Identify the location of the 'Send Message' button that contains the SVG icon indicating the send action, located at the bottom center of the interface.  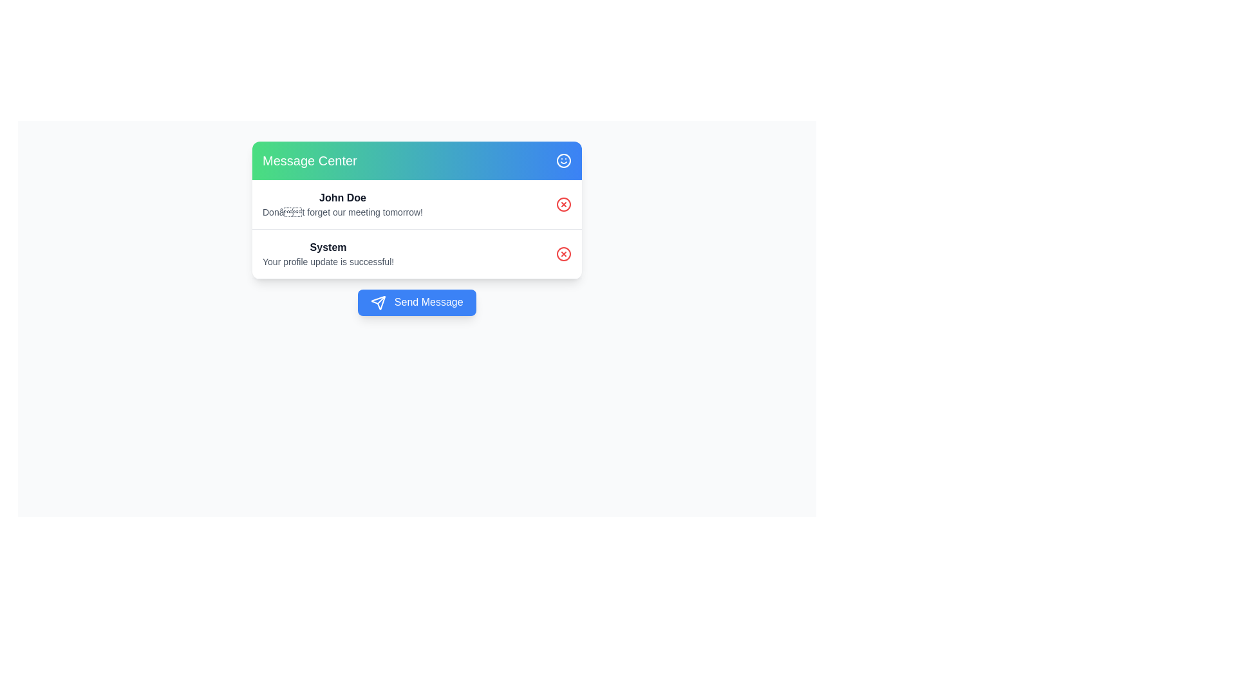
(378, 302).